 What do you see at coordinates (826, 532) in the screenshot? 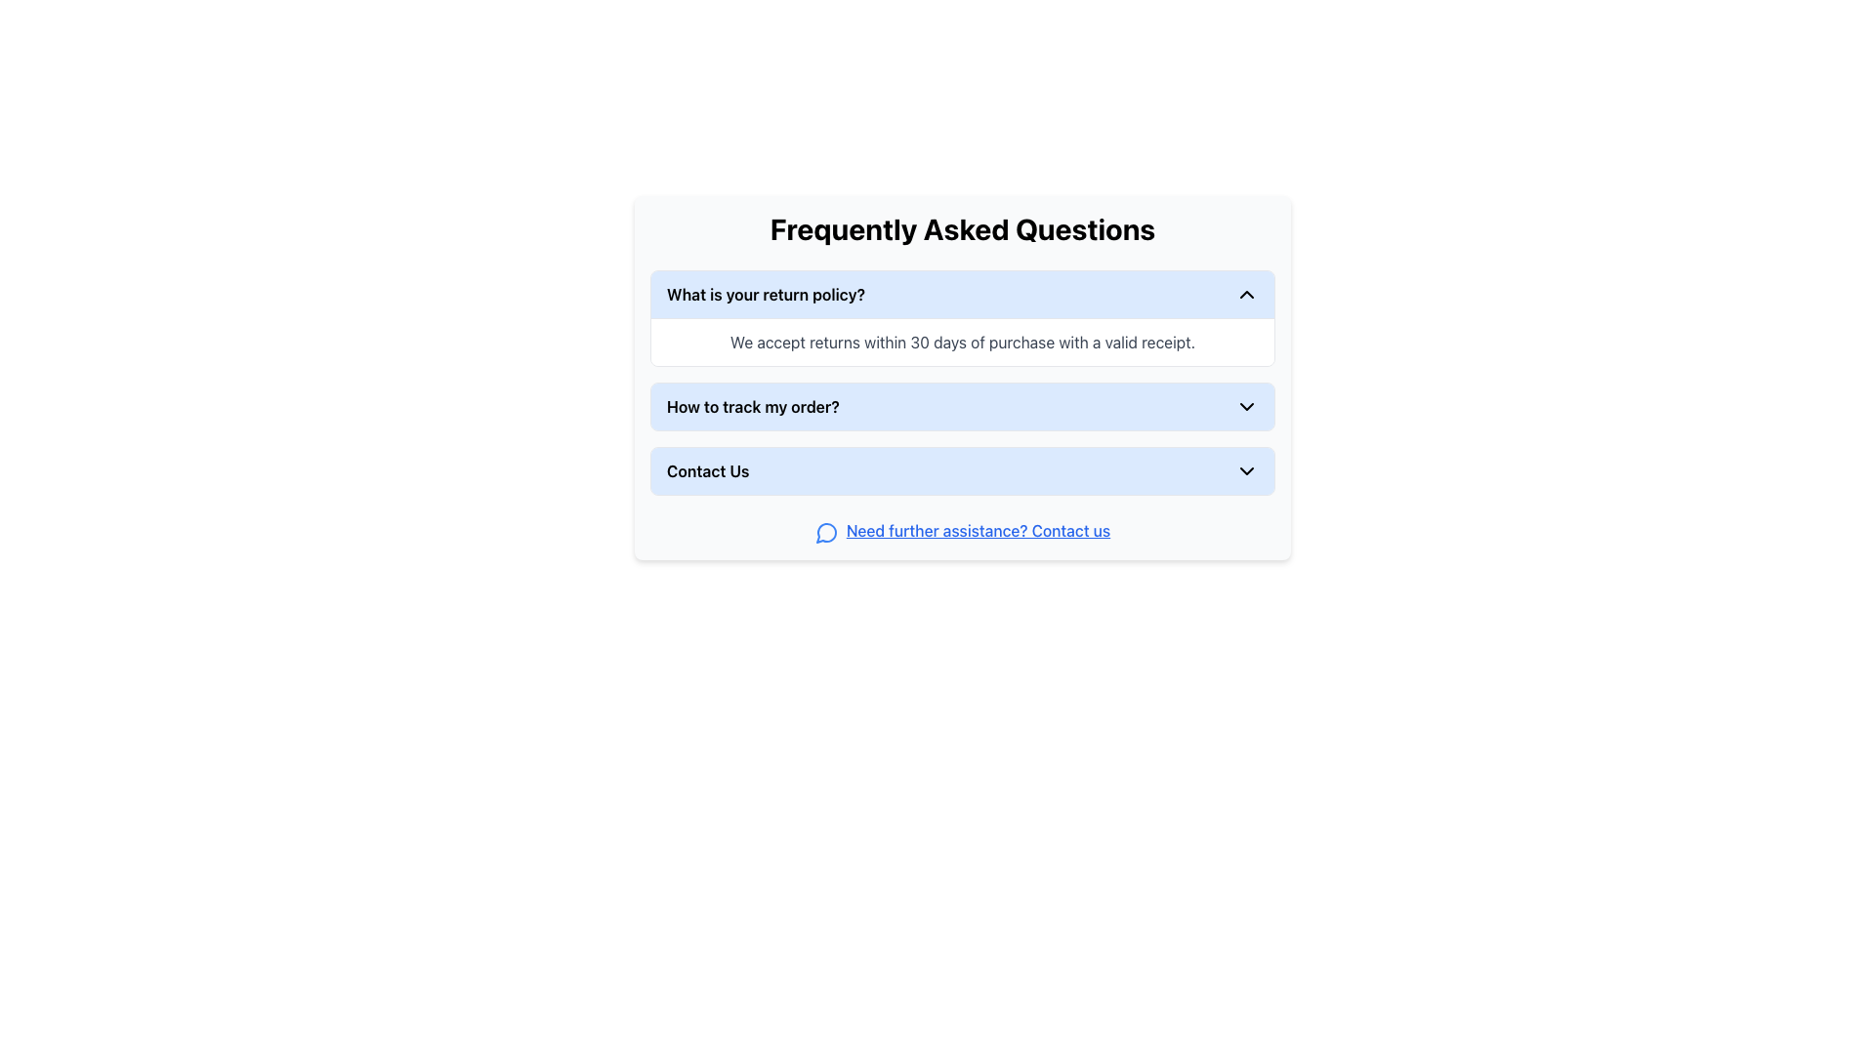
I see `the circular blue speech bubble icon with a hollow center, located below the text link 'Need further assistance? Contact us' in the Contact Us section` at bounding box center [826, 532].